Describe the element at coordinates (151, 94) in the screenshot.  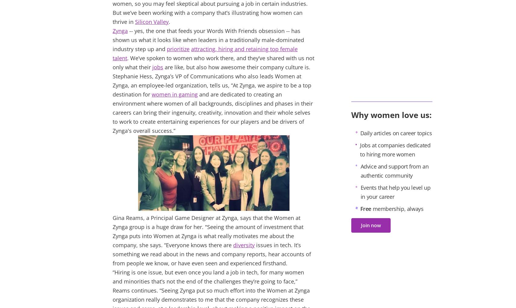
I see `'women in gaming'` at that location.